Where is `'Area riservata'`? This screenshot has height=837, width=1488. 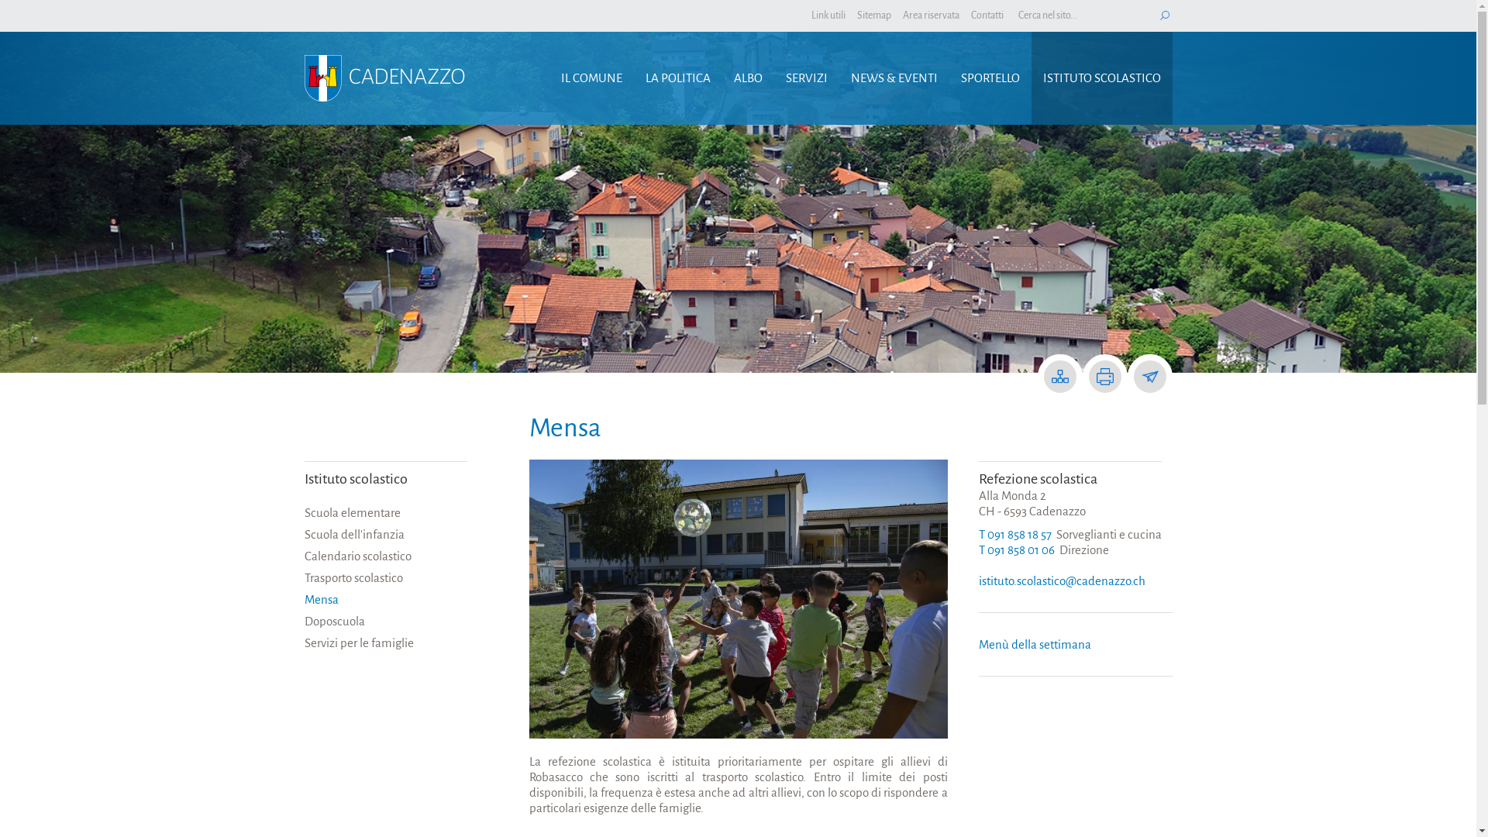
'Area riservata' is located at coordinates (930, 15).